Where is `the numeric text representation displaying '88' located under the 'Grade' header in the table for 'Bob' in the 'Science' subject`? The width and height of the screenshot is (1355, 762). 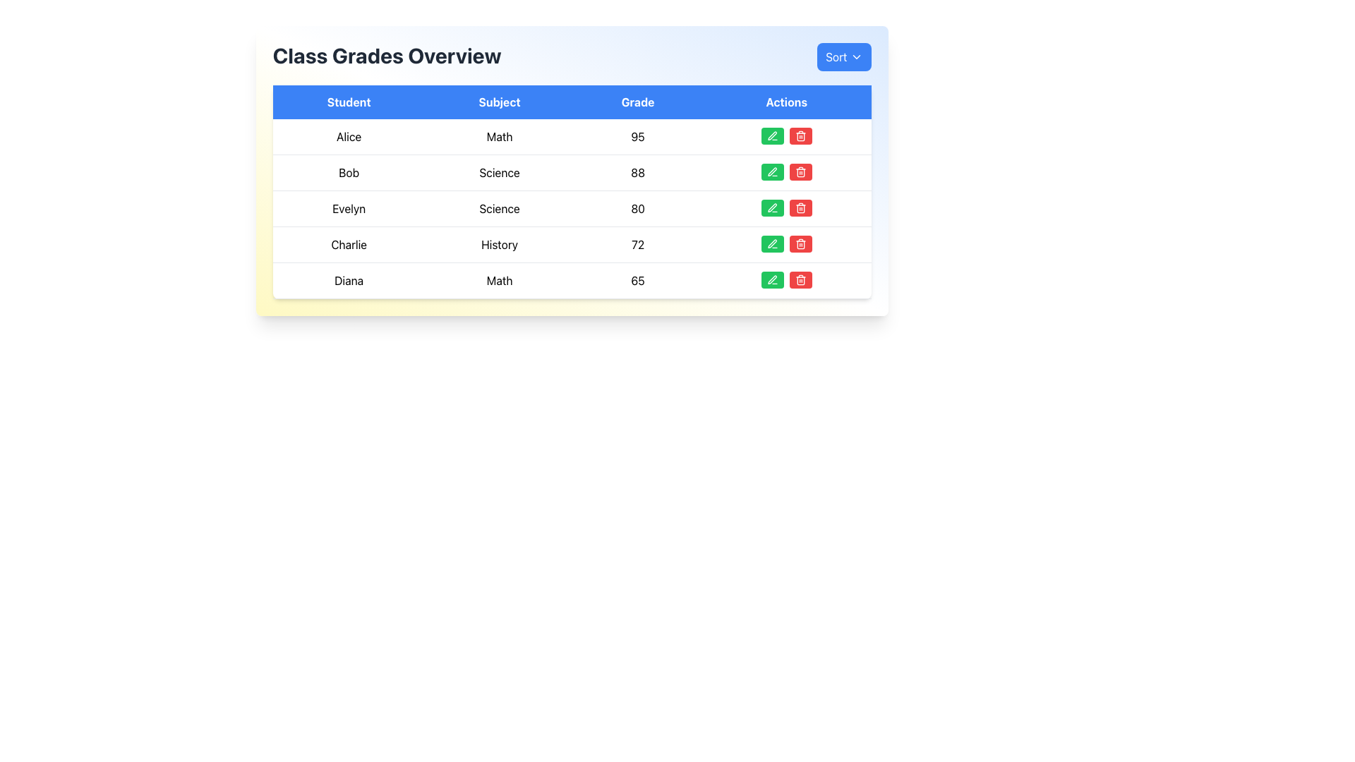 the numeric text representation displaying '88' located under the 'Grade' header in the table for 'Bob' in the 'Science' subject is located at coordinates (637, 172).